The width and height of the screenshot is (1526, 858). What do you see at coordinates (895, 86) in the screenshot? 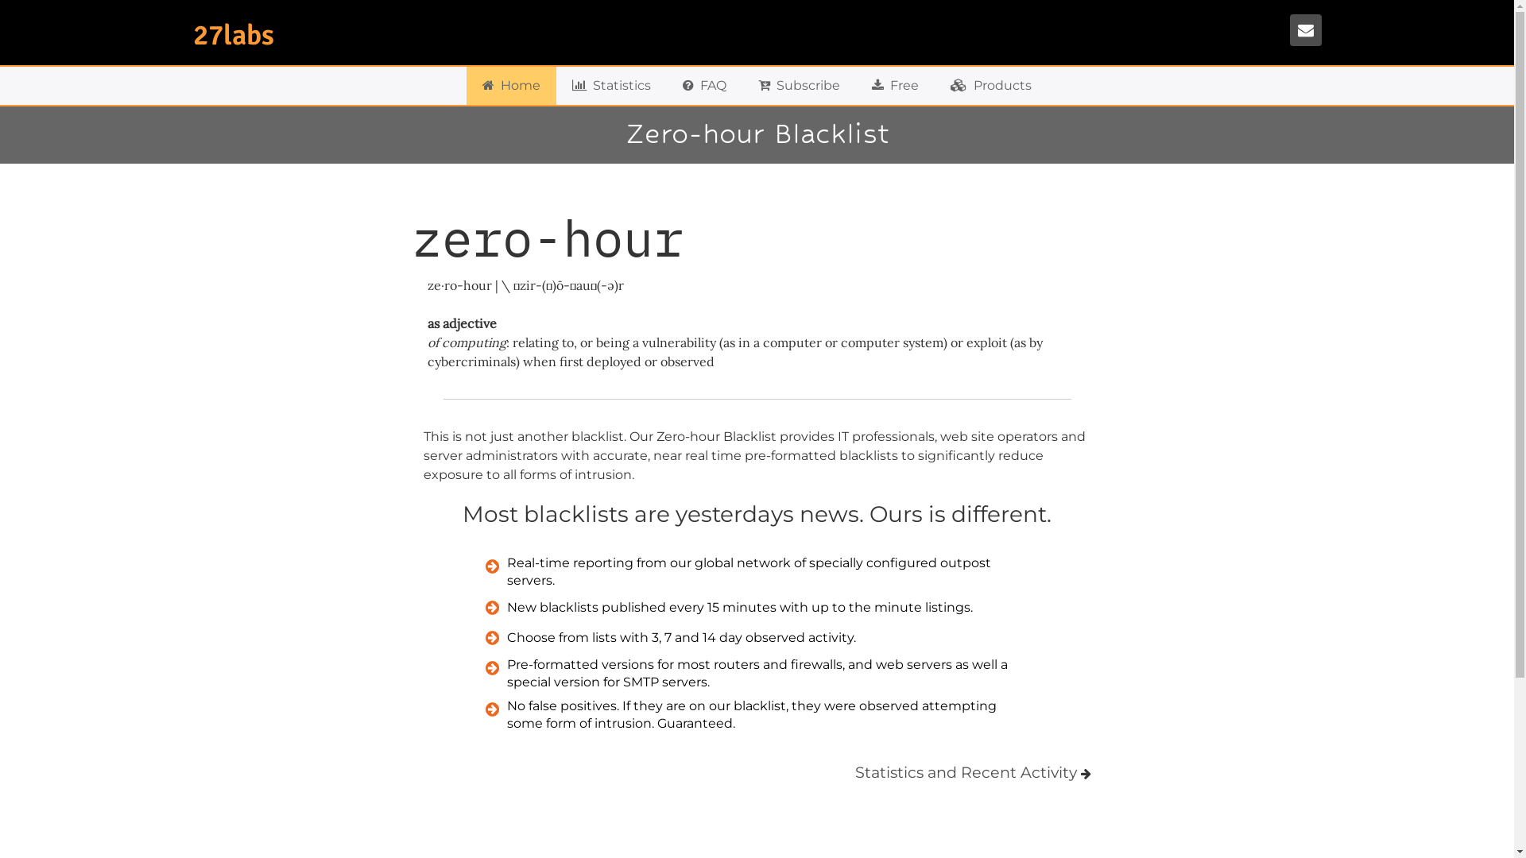
I see `'Free'` at bounding box center [895, 86].